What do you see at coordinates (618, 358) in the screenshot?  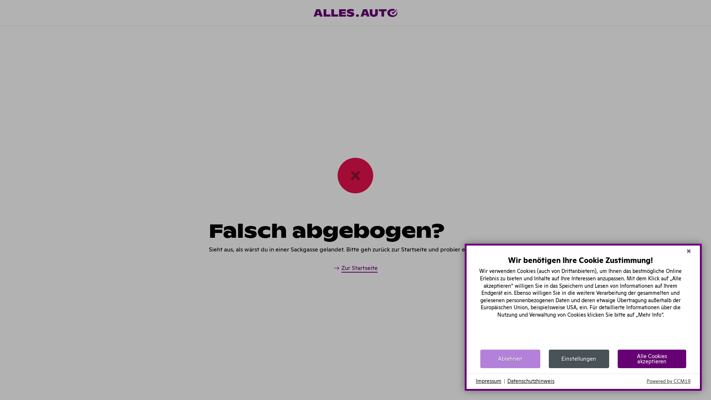 I see `'Alle Cookies akzeptieren'` at bounding box center [618, 358].